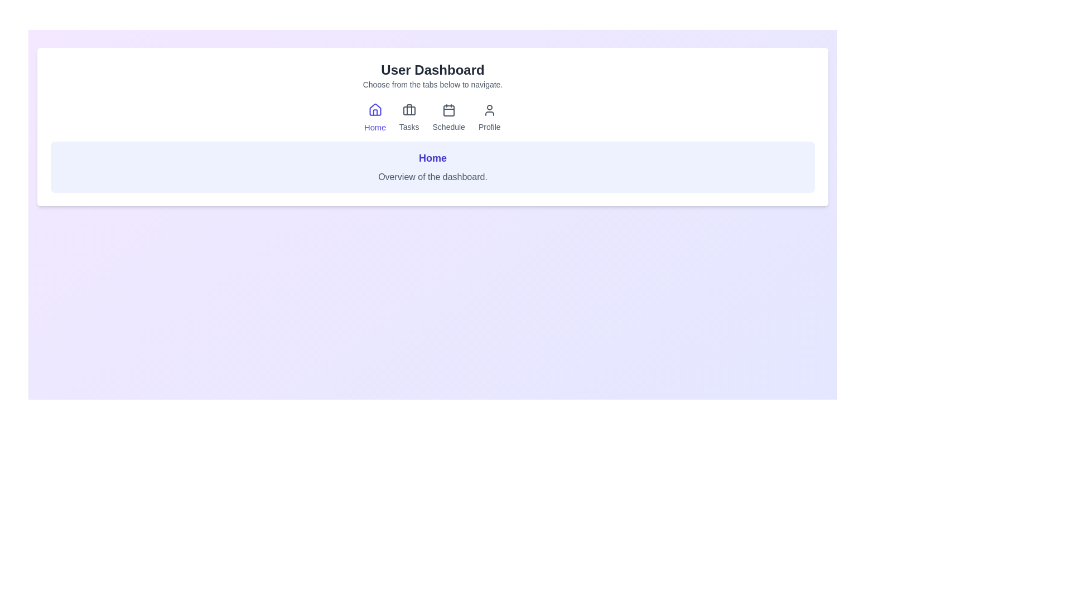 This screenshot has height=602, width=1071. Describe the element at coordinates (375, 109) in the screenshot. I see `the visual style of the roof part of the house-shaped icon within the 'Home' tab of the navigation bar` at that location.